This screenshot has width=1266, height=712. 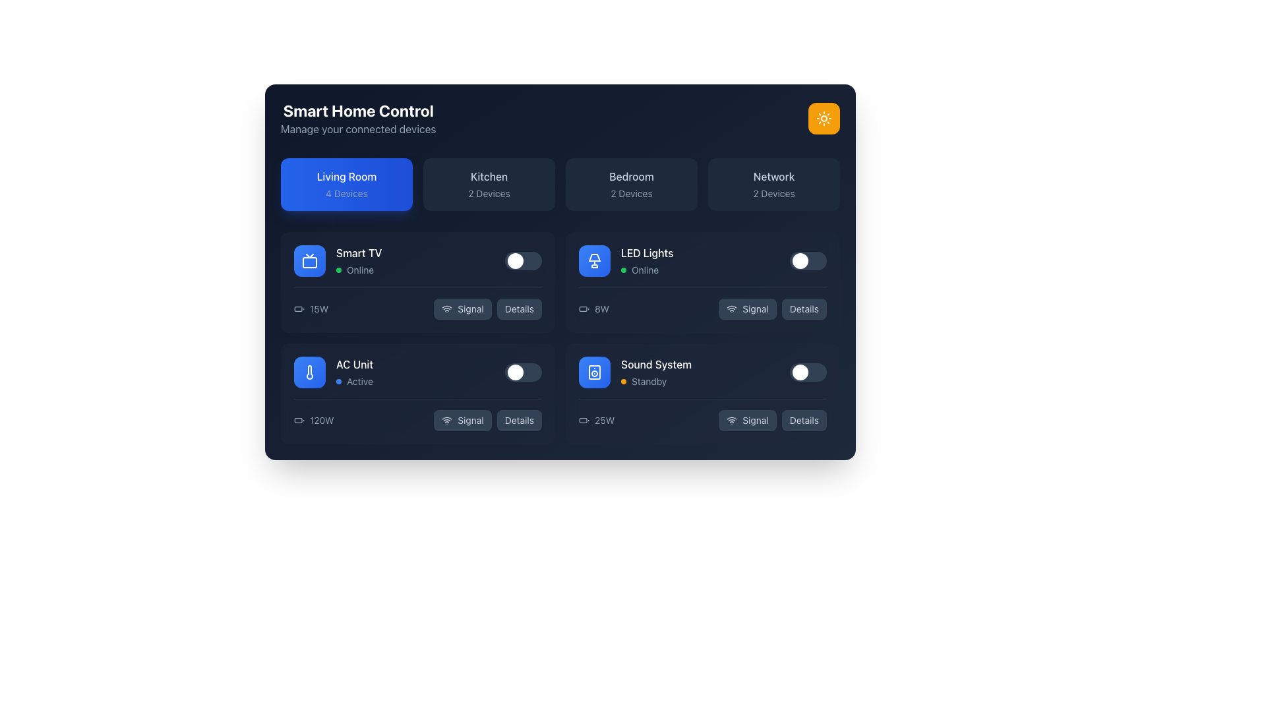 What do you see at coordinates (322, 420) in the screenshot?
I see `the Text label that provides information about the power consumption of the AC Unit` at bounding box center [322, 420].